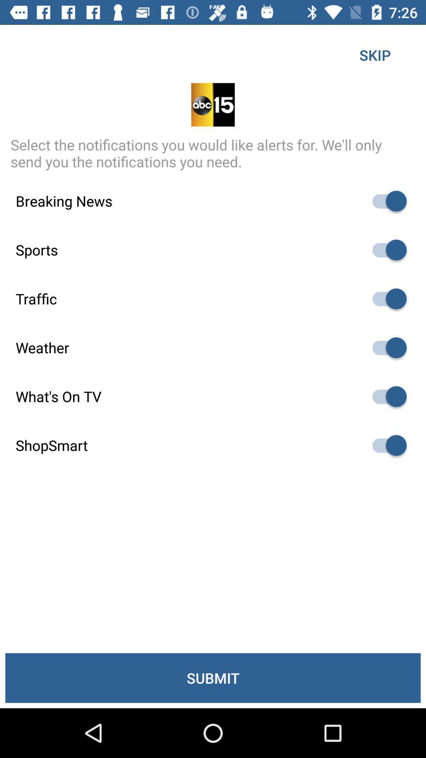  What do you see at coordinates (385, 250) in the screenshot?
I see `sports notifications` at bounding box center [385, 250].